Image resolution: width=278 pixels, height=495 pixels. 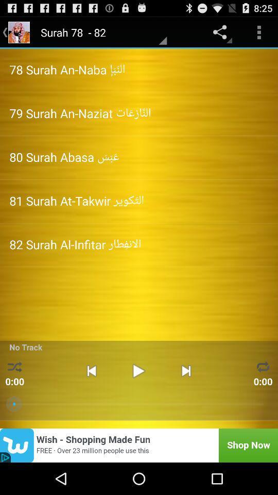 What do you see at coordinates (185, 396) in the screenshot?
I see `the skip_next icon` at bounding box center [185, 396].